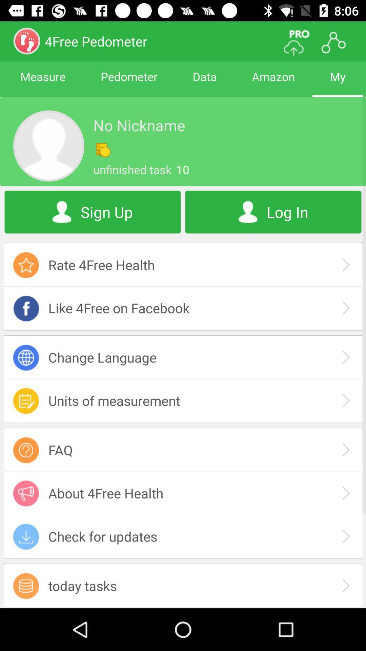 Image resolution: width=366 pixels, height=651 pixels. Describe the element at coordinates (183, 450) in the screenshot. I see `faq app` at that location.